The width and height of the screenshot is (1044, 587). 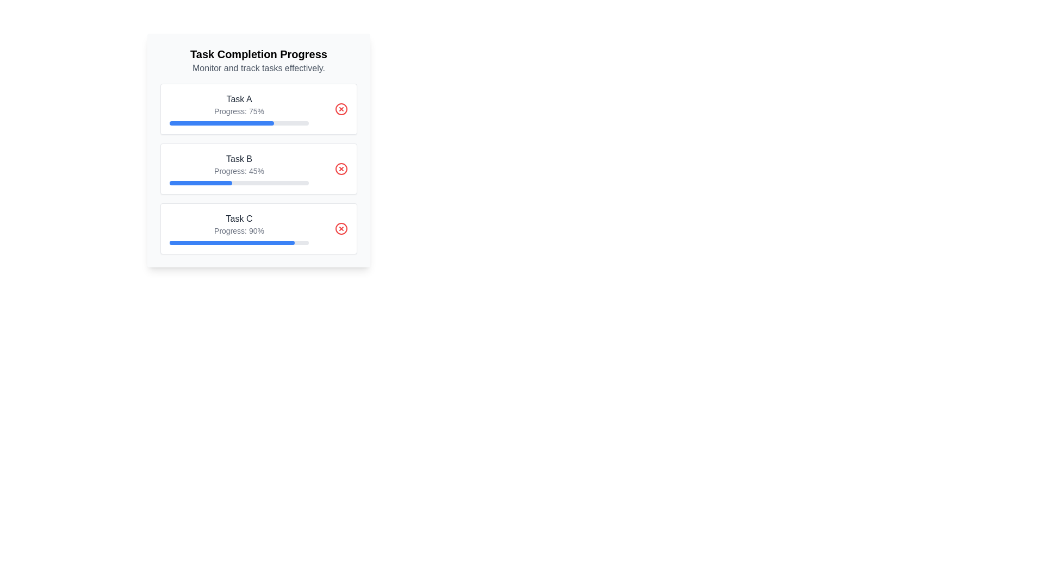 I want to click on the delete or close button for the 'Task C' entry, which is the rightmost component within the third entry of a vertically aligned list, so click(x=341, y=228).